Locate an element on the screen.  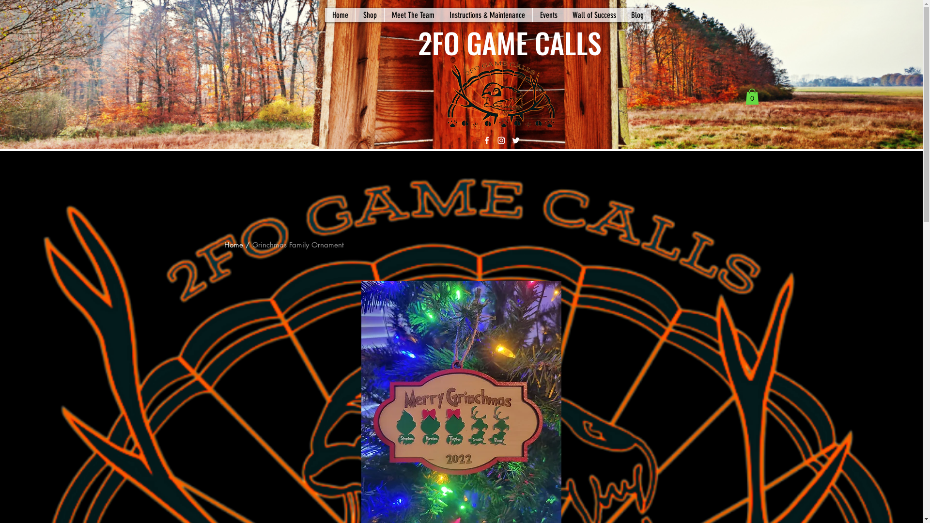
'Wall of Success' is located at coordinates (593, 15).